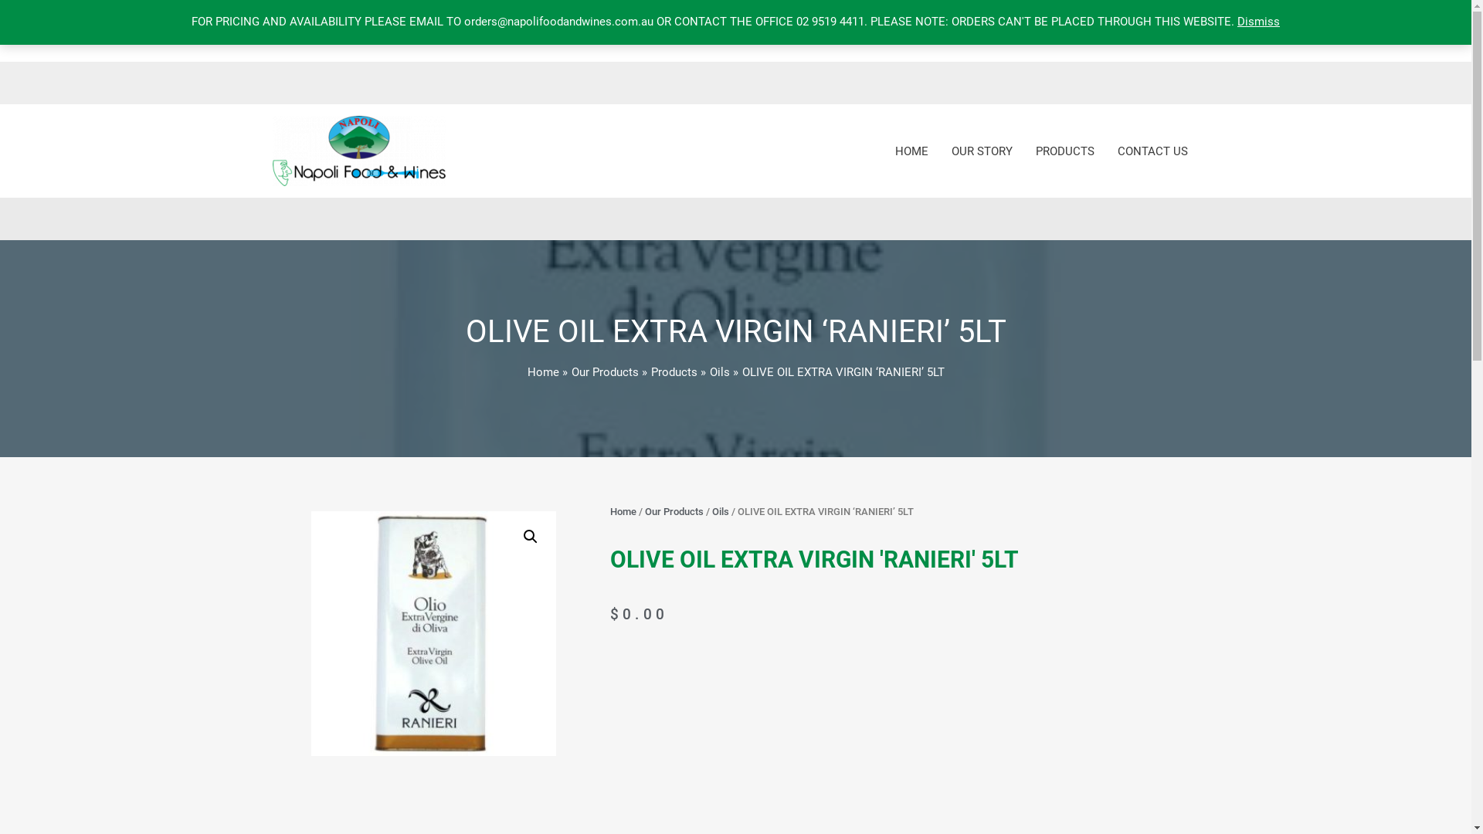 This screenshot has height=834, width=1483. Describe the element at coordinates (674, 372) in the screenshot. I see `'Products'` at that location.